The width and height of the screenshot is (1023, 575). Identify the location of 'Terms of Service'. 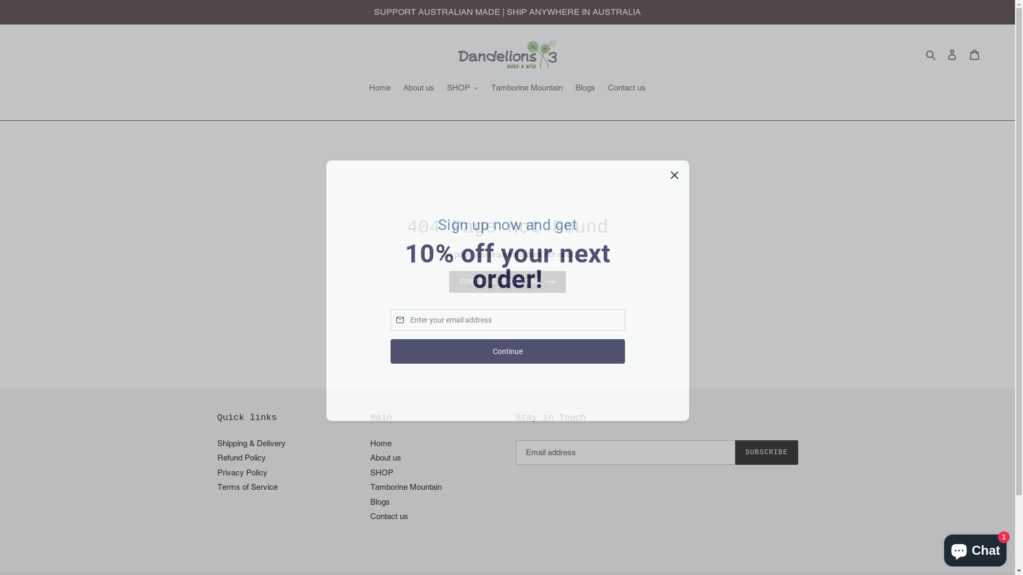
(217, 487).